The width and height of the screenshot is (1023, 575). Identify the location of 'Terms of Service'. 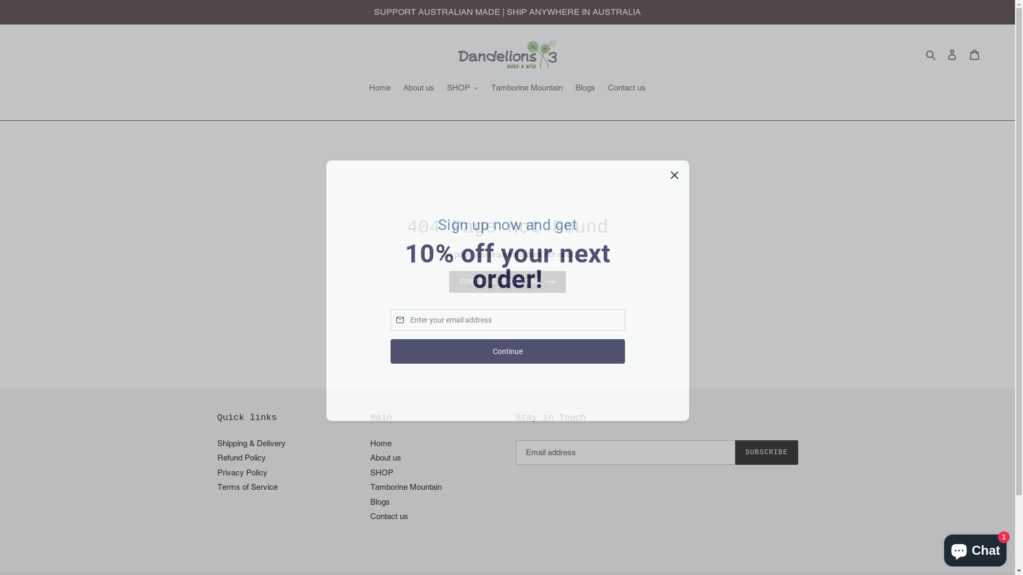
(217, 487).